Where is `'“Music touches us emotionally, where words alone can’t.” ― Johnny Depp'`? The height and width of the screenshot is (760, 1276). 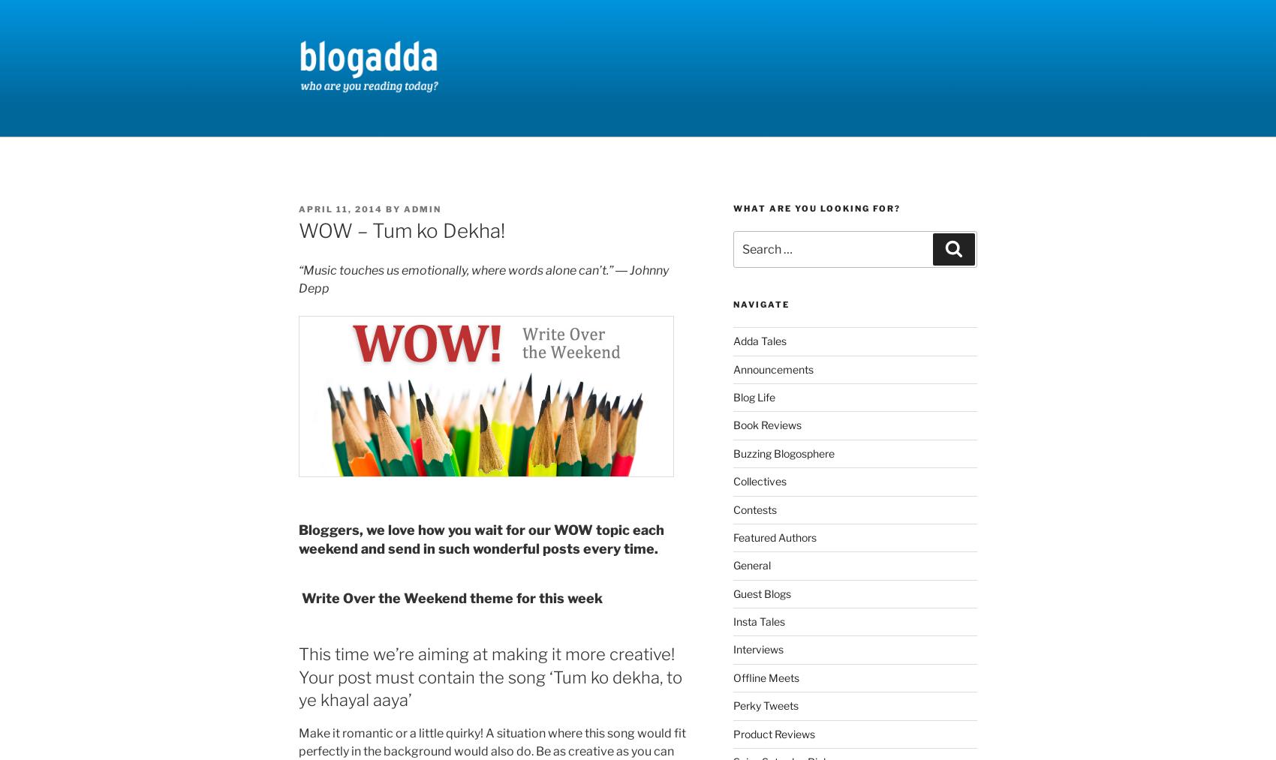
'“Music touches us emotionally, where words alone can’t.” ― Johnny Depp' is located at coordinates (483, 279).